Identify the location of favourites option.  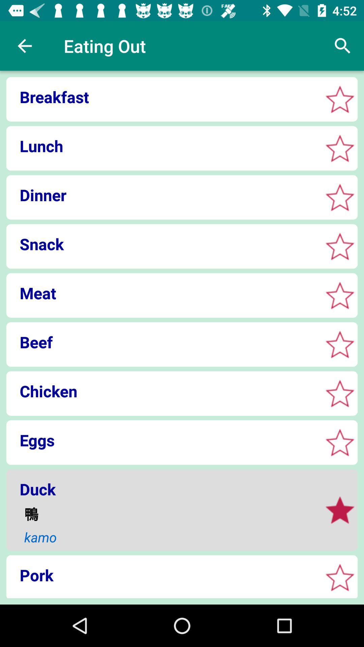
(340, 442).